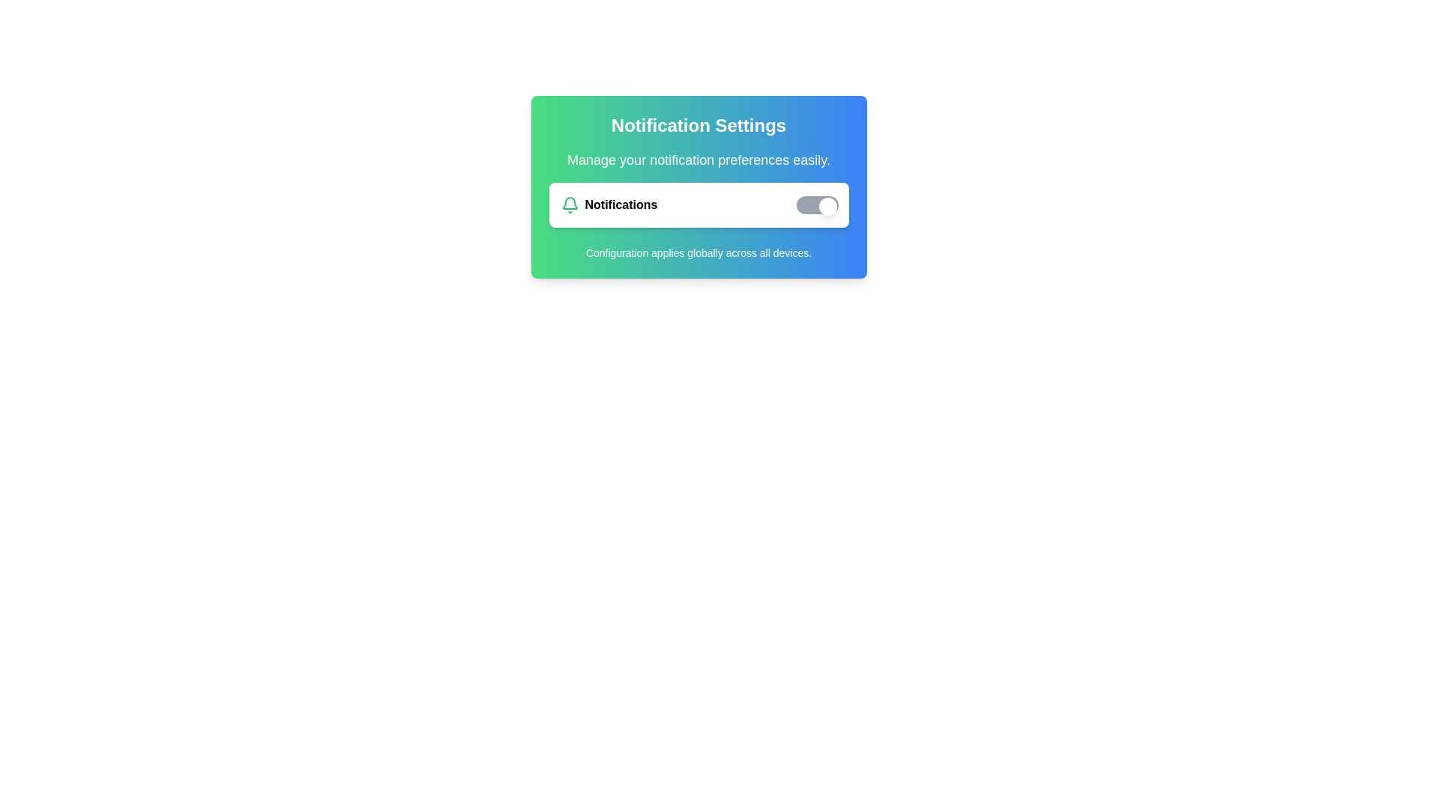 The width and height of the screenshot is (1439, 809). Describe the element at coordinates (698, 252) in the screenshot. I see `the informational label at the bottom of the card interface, which provides details regarding the global scope of the configuration` at that location.